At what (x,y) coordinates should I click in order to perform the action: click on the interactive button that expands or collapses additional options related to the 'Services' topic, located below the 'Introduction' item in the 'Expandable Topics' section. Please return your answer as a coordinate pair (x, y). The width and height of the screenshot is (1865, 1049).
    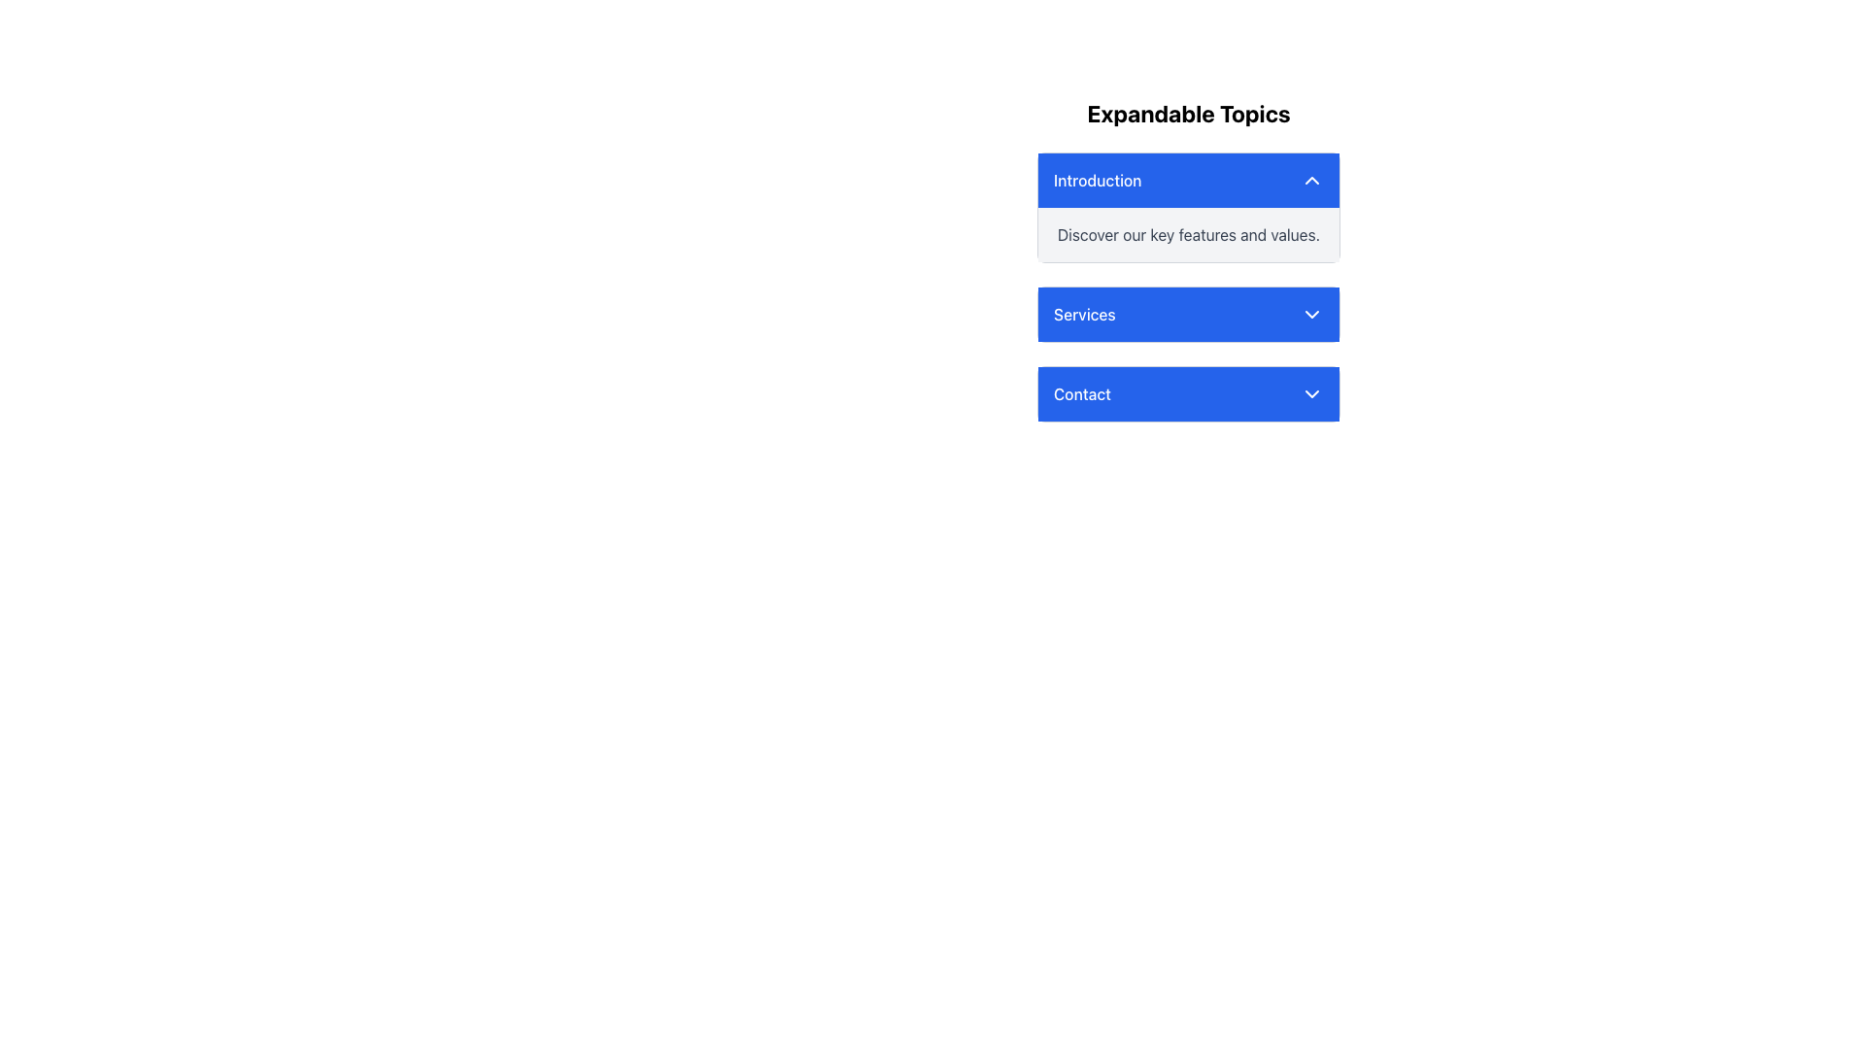
    Looking at the image, I should click on (1188, 314).